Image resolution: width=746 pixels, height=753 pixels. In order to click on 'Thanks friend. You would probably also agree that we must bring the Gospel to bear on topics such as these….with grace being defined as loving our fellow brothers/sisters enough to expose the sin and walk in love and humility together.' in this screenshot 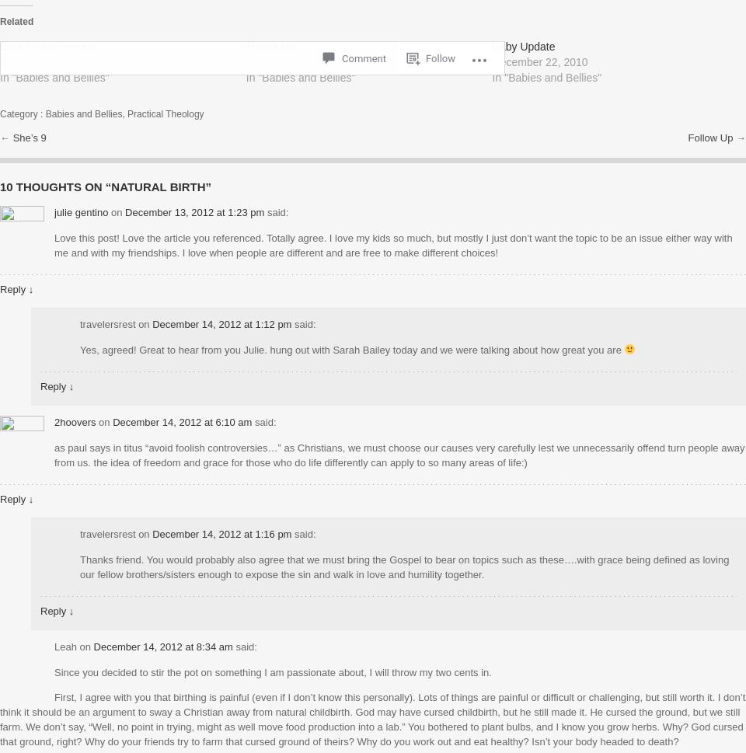, I will do `click(403, 566)`.